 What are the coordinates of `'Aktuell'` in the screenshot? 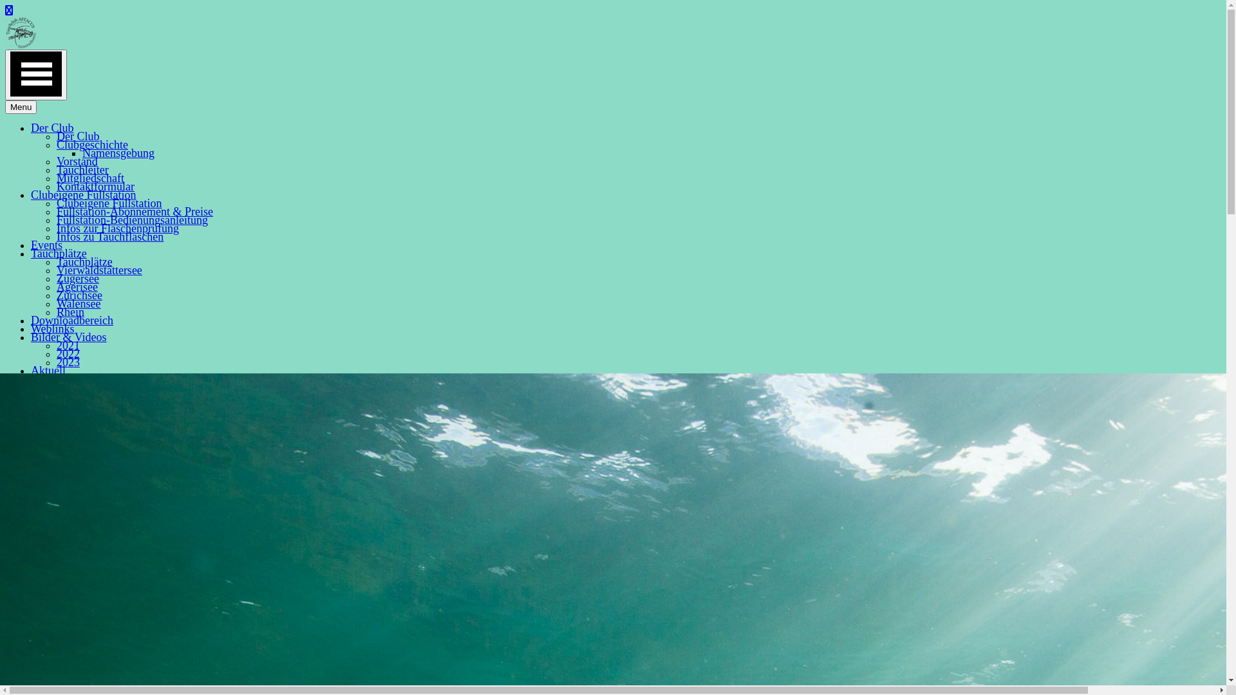 It's located at (48, 370).